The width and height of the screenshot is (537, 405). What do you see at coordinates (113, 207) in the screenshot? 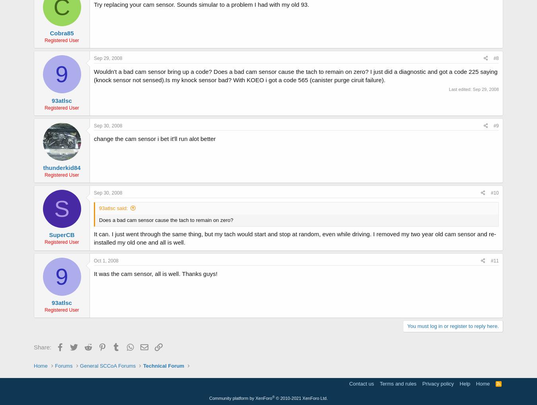
I see `'93atlsc said:'` at bounding box center [113, 207].